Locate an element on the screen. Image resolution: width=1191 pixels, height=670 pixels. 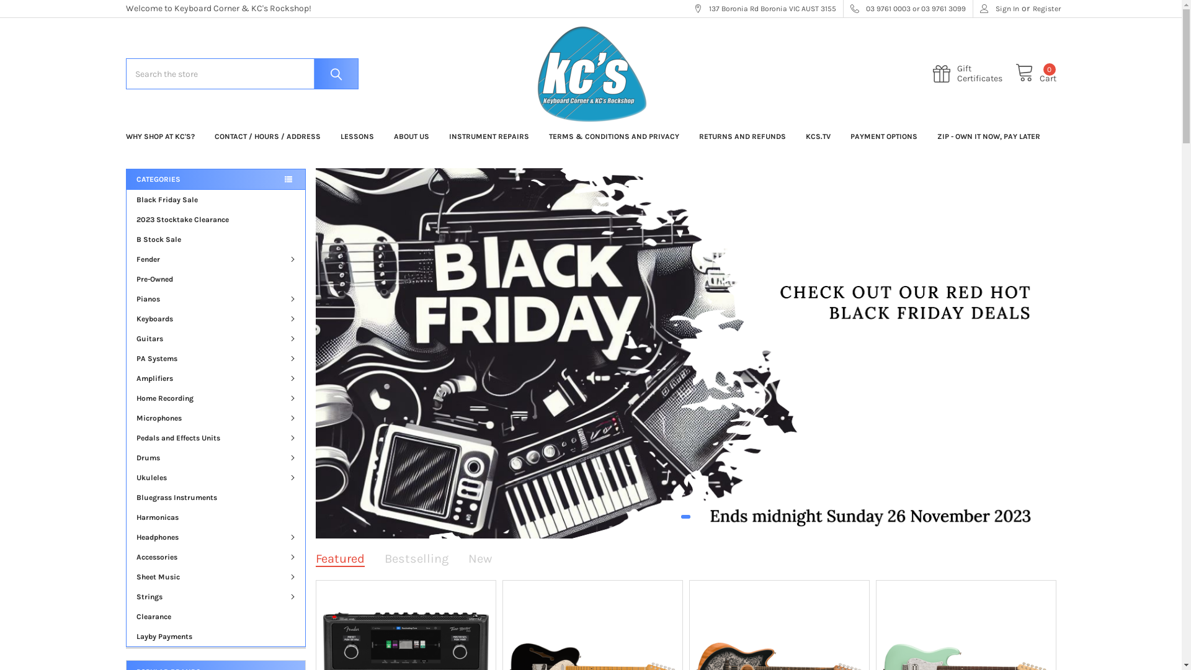
'Bestselling' is located at coordinates (416, 558).